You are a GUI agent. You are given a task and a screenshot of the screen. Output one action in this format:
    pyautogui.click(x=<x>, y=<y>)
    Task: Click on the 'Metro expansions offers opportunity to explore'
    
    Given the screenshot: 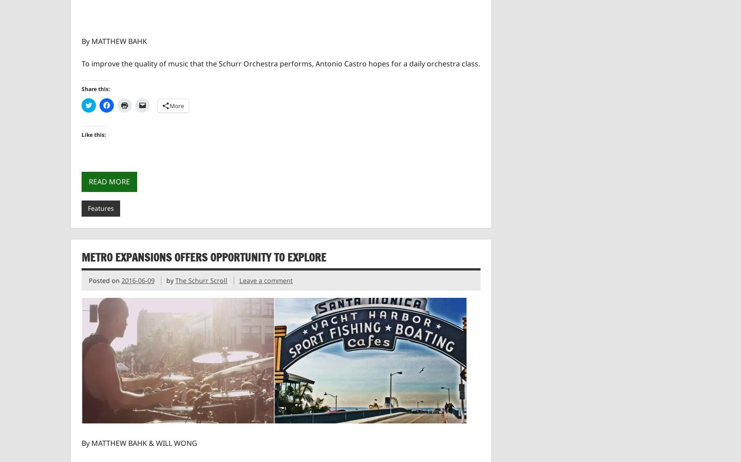 What is the action you would take?
    pyautogui.click(x=203, y=257)
    